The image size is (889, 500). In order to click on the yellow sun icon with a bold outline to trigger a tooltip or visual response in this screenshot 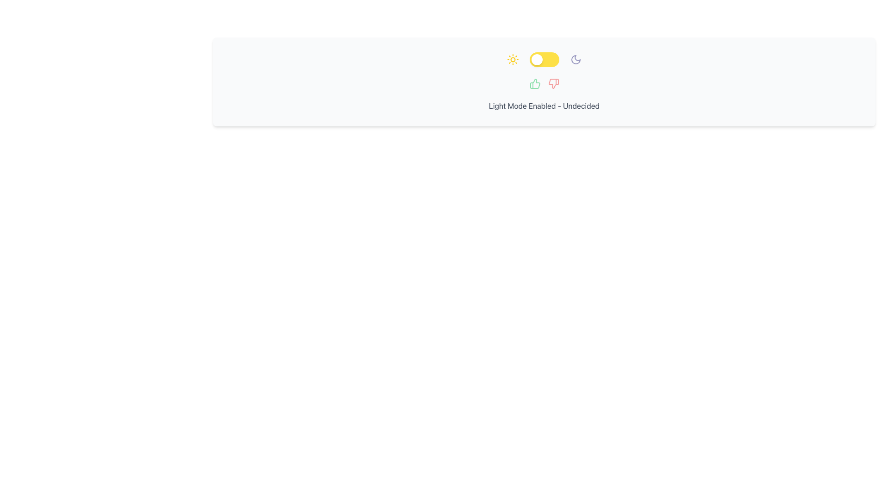, I will do `click(512, 59)`.